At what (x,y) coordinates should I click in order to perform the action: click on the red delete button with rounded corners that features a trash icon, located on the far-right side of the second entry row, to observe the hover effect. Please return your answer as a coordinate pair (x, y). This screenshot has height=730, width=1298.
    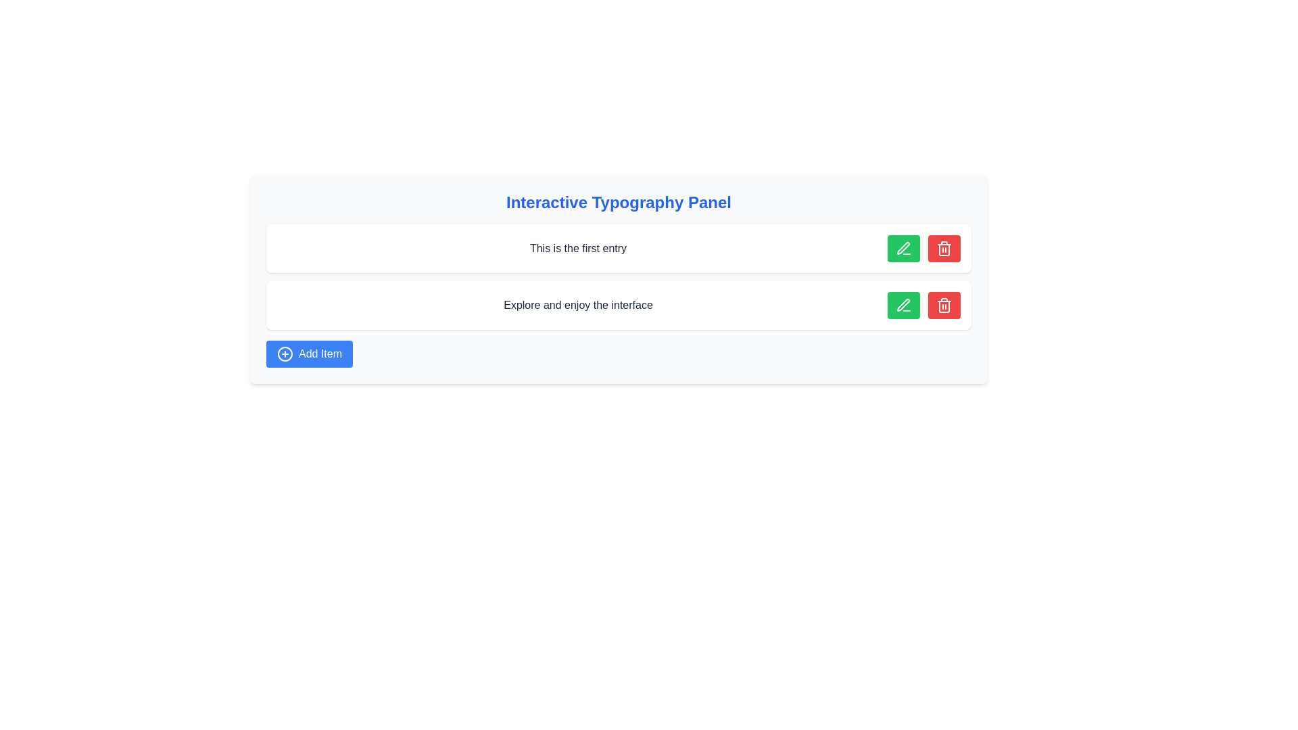
    Looking at the image, I should click on (943, 305).